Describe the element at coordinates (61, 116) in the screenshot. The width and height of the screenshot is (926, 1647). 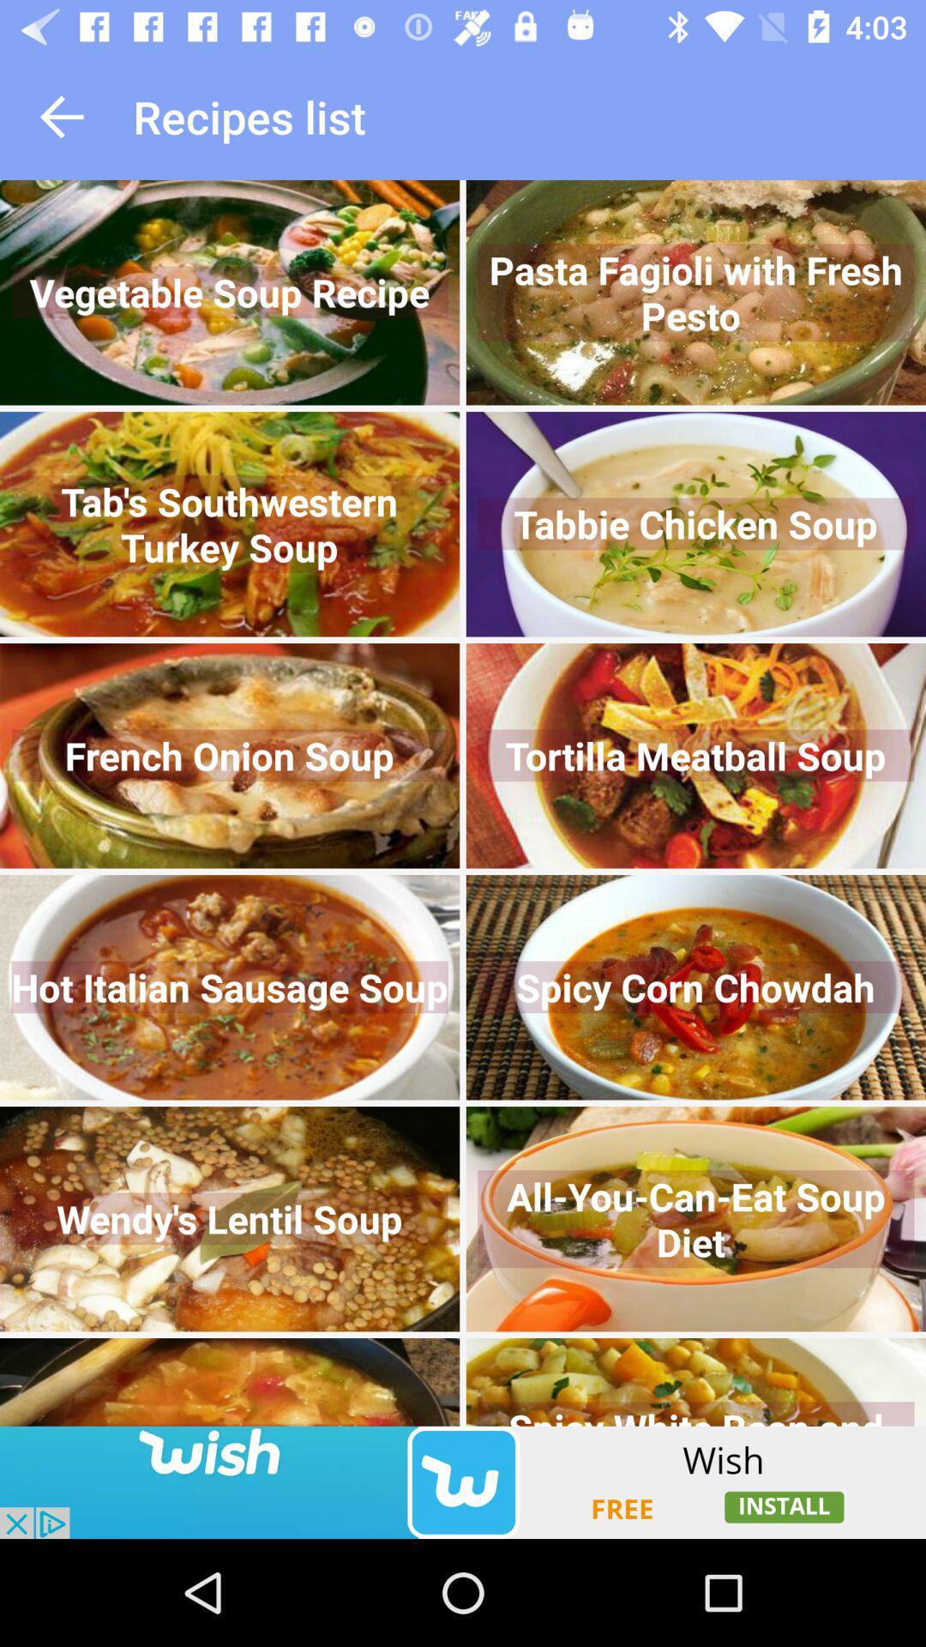
I see `previous` at that location.